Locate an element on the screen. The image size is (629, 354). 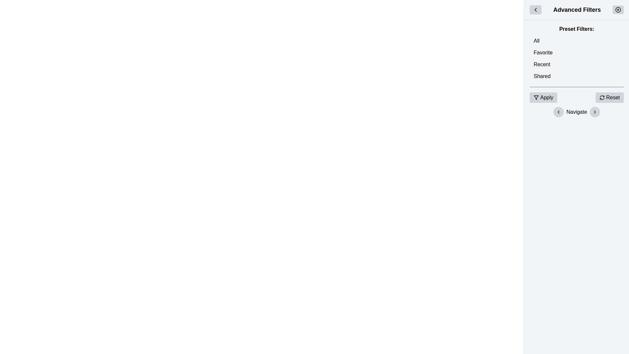
the button located at the top right of the 'Advanced Filters' panel to change its background color is located at coordinates (618, 10).